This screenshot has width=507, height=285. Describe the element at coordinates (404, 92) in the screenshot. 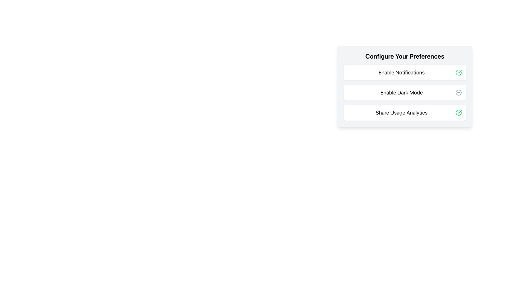

I see `the vertical list containing interactive items, including 'Enable Notifications,' 'Enable Dark Mode,' and 'Share Usage Analytics'` at that location.